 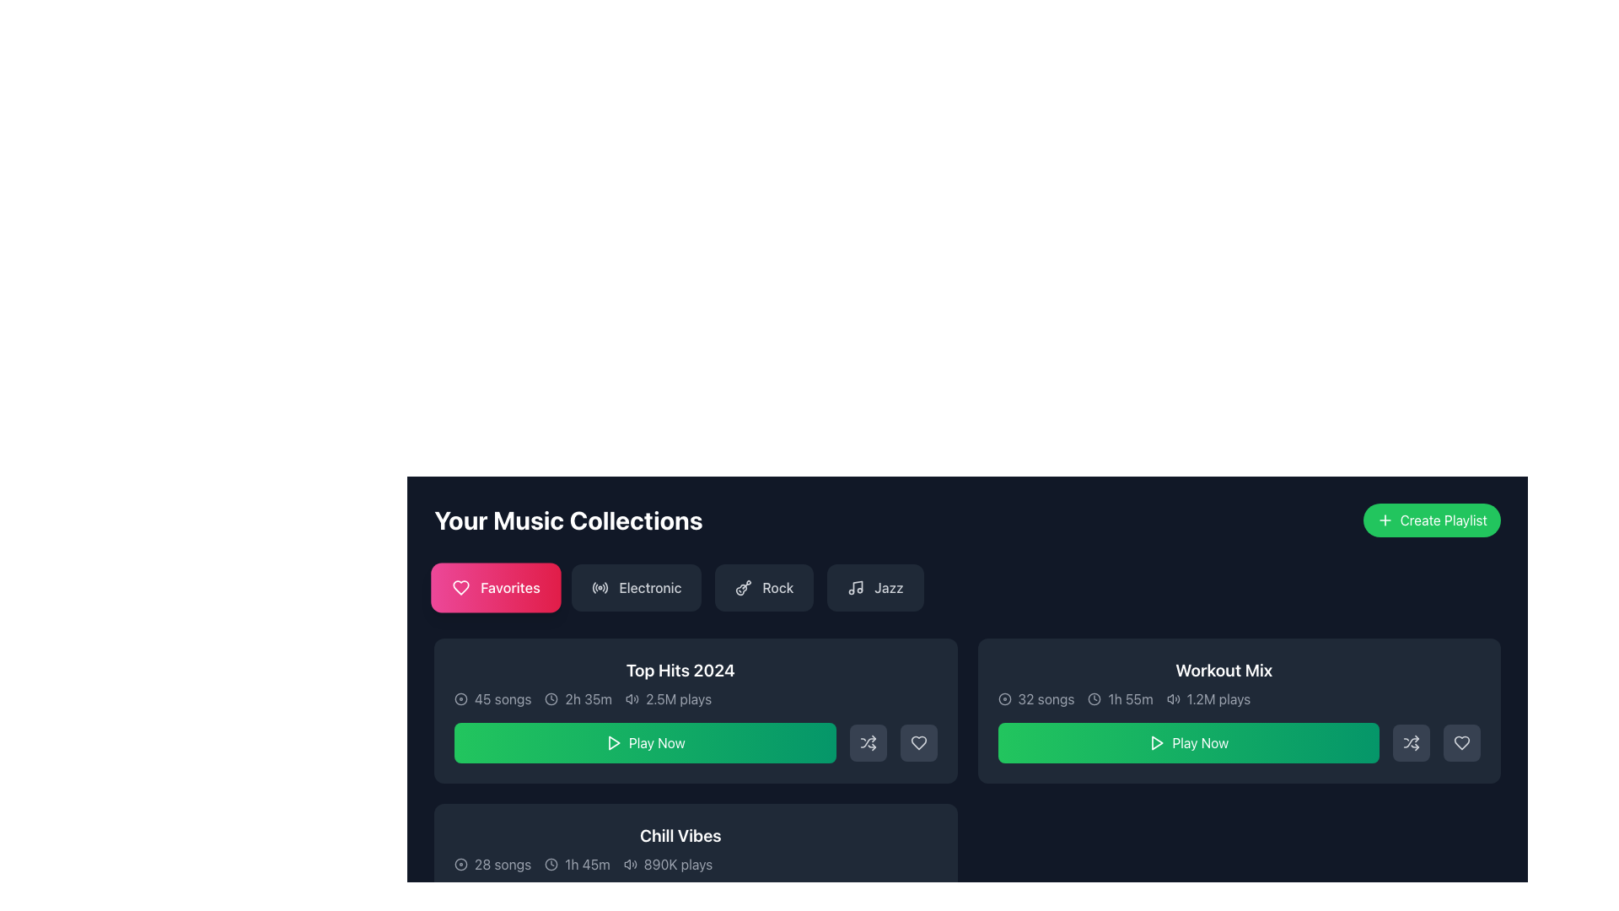 What do you see at coordinates (743, 587) in the screenshot?
I see `the 'Rock' button, which is visually represented by an icon on the left-hand side adjacent to the text 'Rock'` at bounding box center [743, 587].